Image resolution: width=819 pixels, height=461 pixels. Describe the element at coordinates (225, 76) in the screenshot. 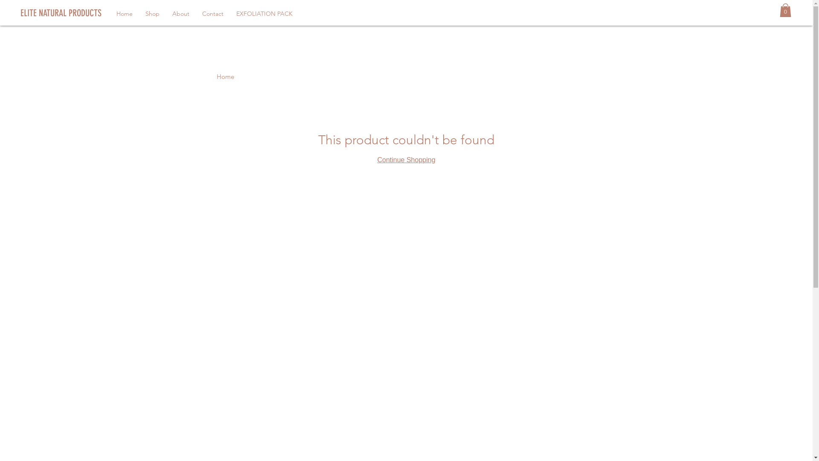

I see `'Home'` at that location.